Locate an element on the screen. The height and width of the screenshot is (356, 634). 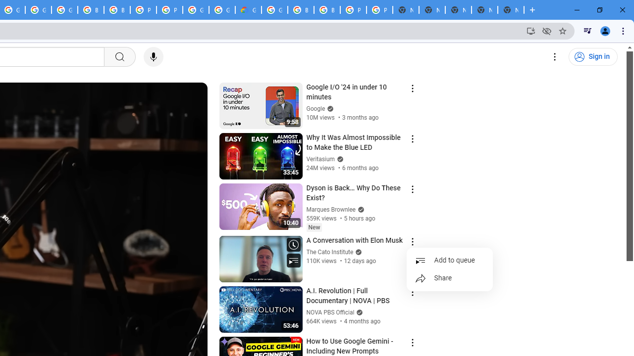
'Verified' is located at coordinates (358, 312).